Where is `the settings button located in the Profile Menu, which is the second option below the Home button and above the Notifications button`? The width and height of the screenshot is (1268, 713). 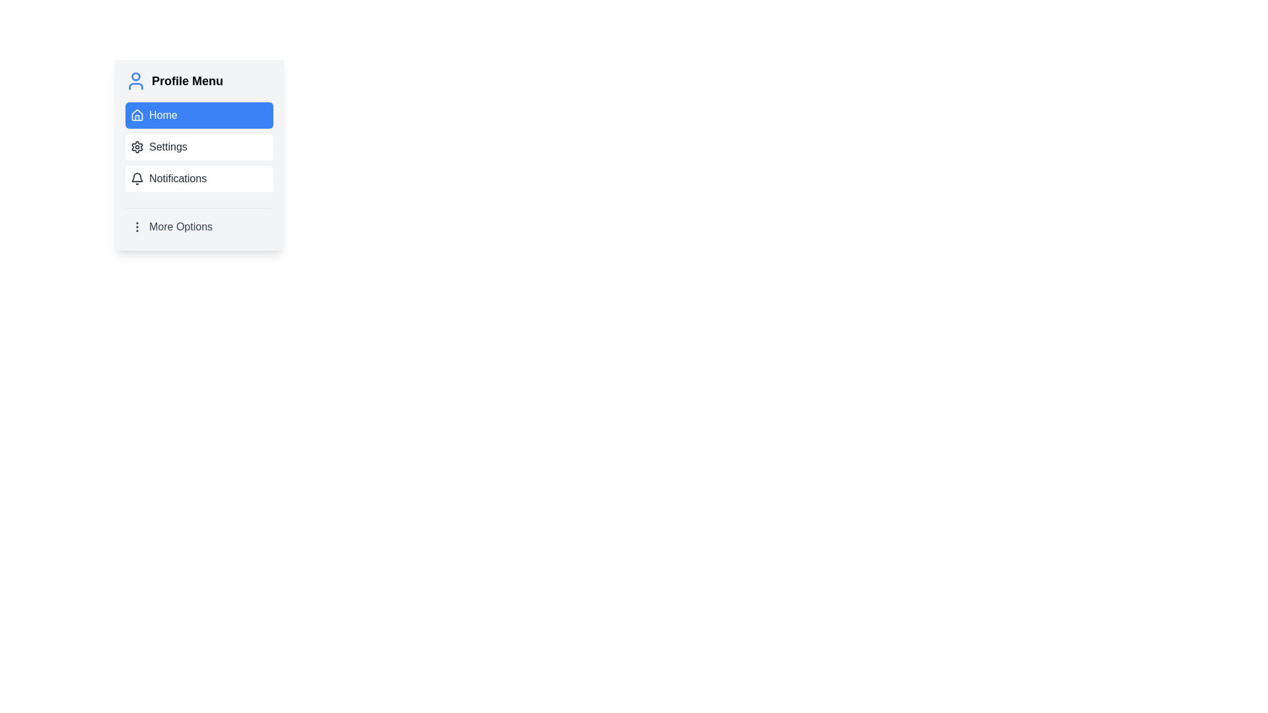
the settings button located in the Profile Menu, which is the second option below the Home button and above the Notifications button is located at coordinates (199, 147).